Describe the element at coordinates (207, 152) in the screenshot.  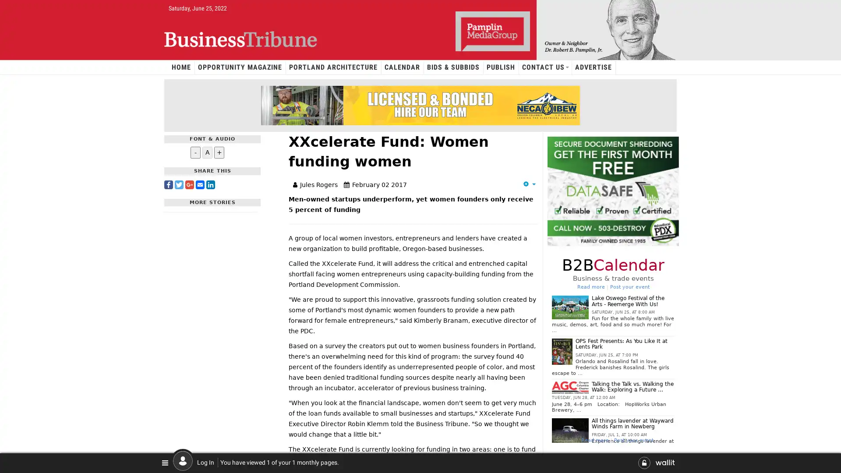
I see `A` at that location.